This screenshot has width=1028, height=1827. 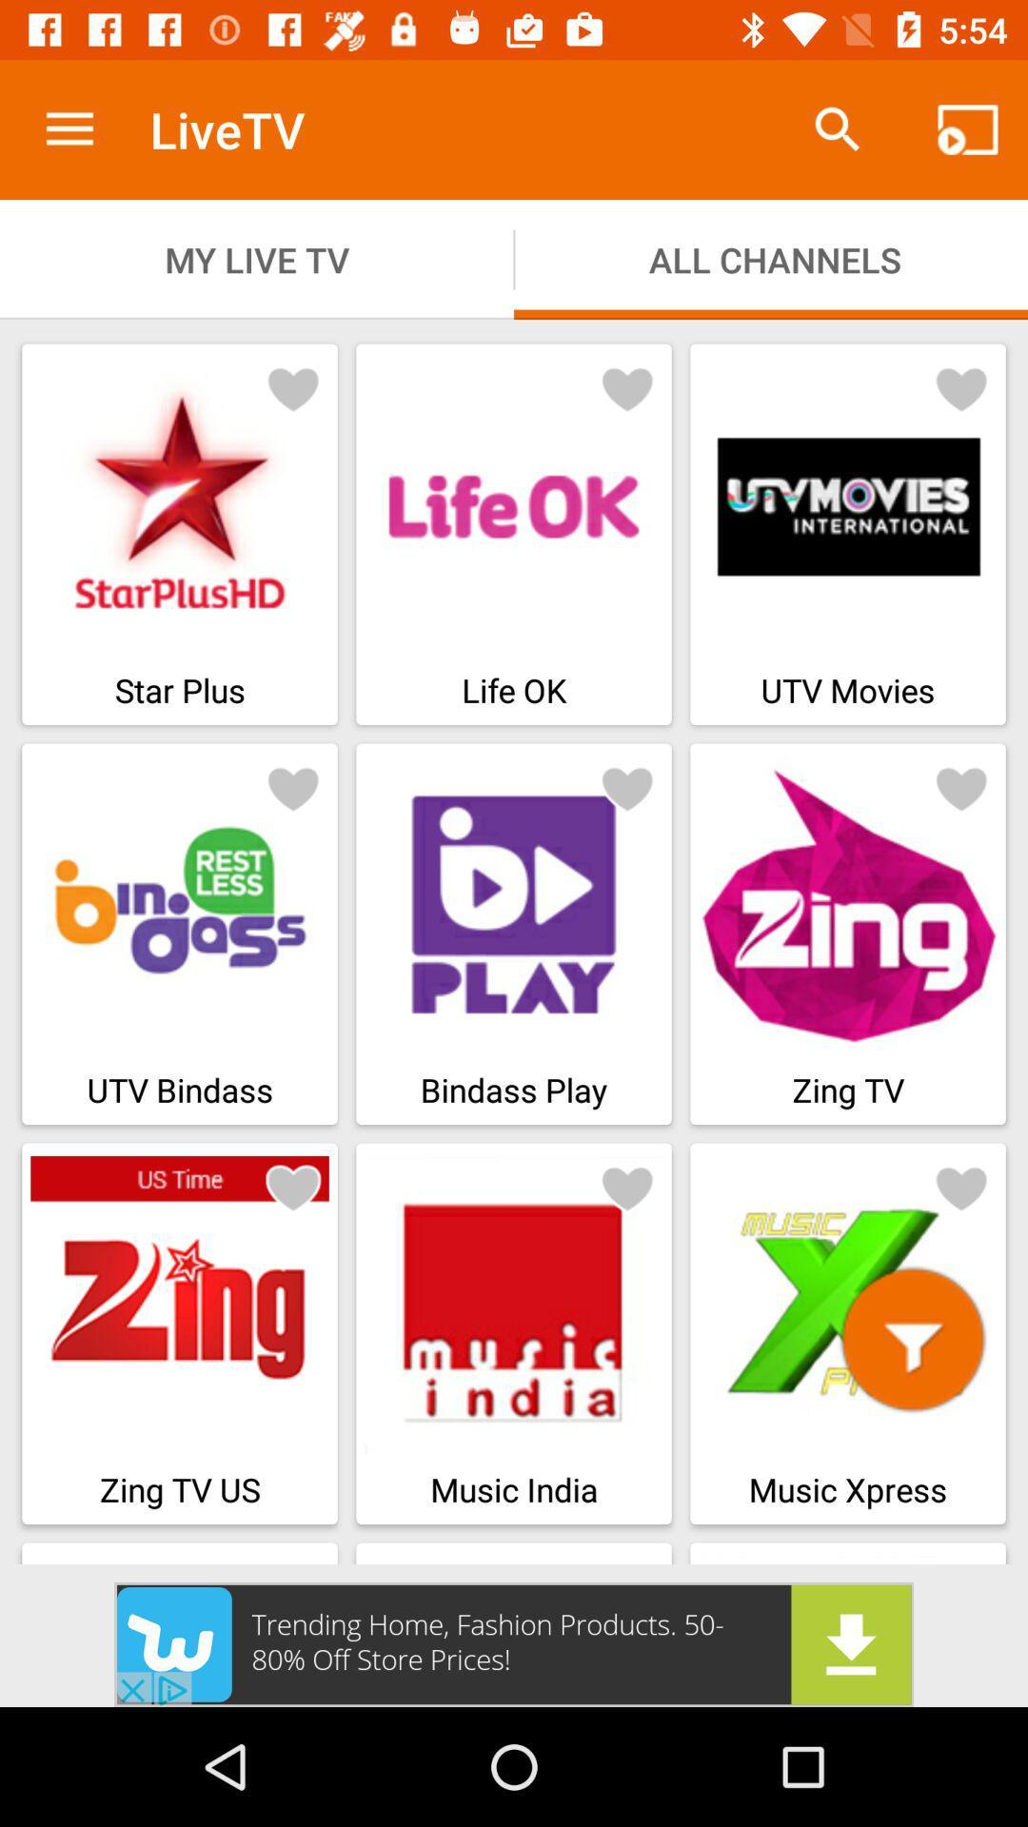 I want to click on like button, so click(x=961, y=387).